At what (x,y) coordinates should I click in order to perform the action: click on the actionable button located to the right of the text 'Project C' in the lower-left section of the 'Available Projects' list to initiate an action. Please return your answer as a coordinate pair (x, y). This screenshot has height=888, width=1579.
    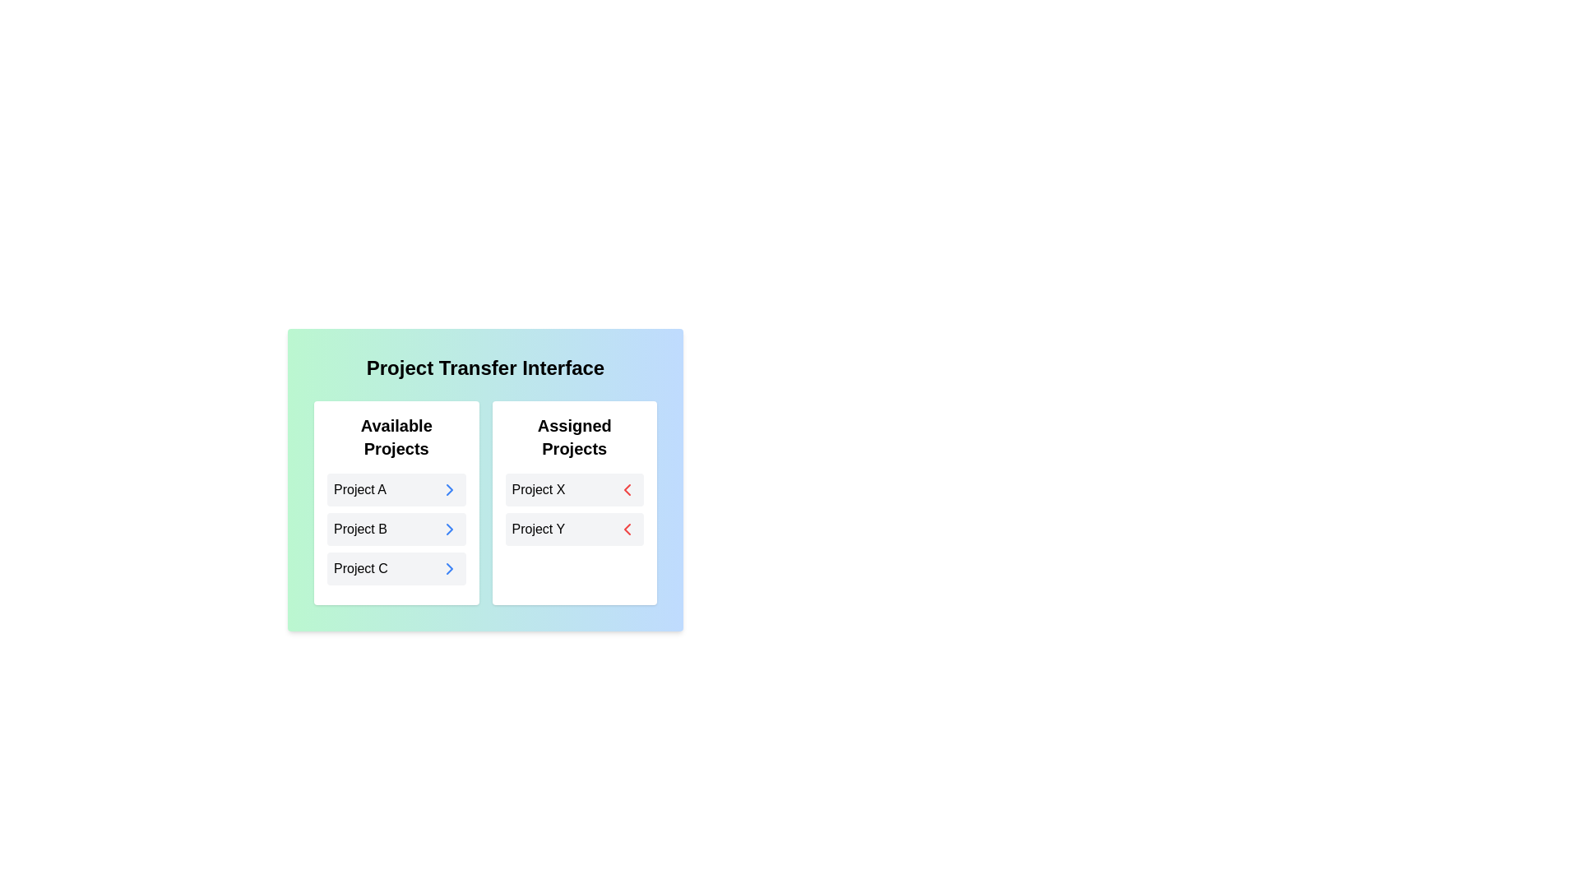
    Looking at the image, I should click on (449, 567).